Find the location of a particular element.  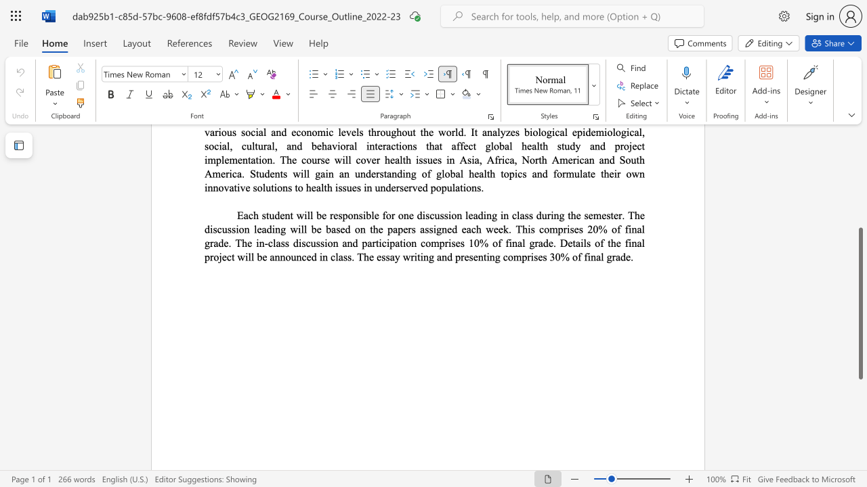

the scrollbar to scroll the page up is located at coordinates (860, 210).